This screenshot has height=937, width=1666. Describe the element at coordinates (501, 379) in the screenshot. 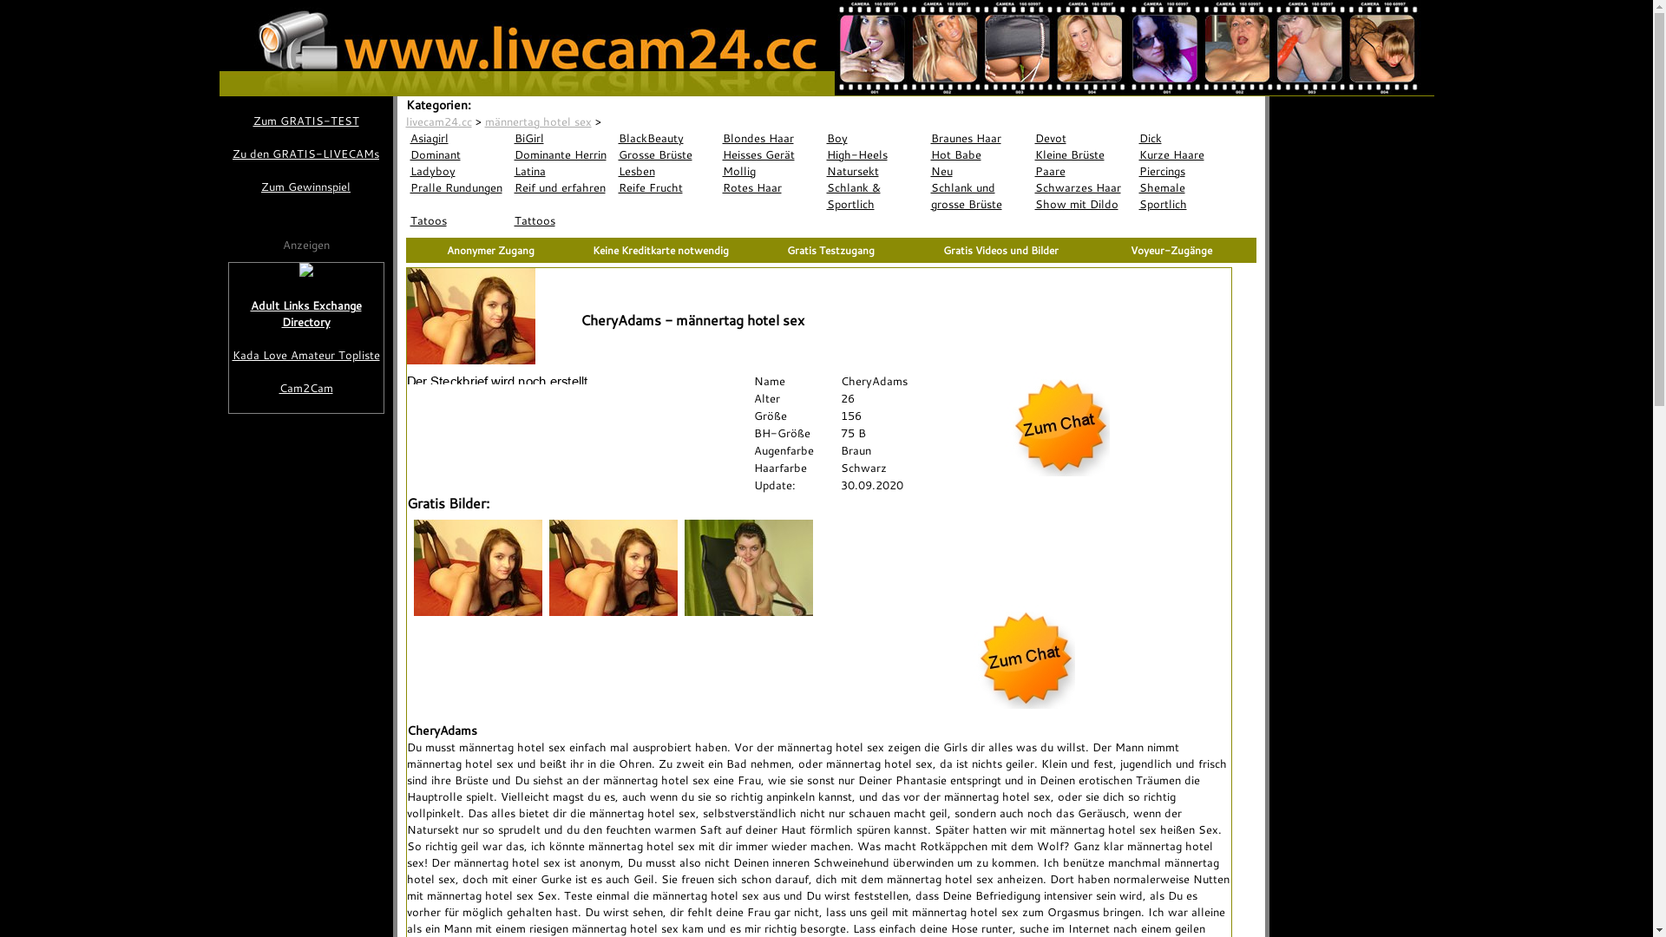

I see `'CheryAdams Profil'` at that location.